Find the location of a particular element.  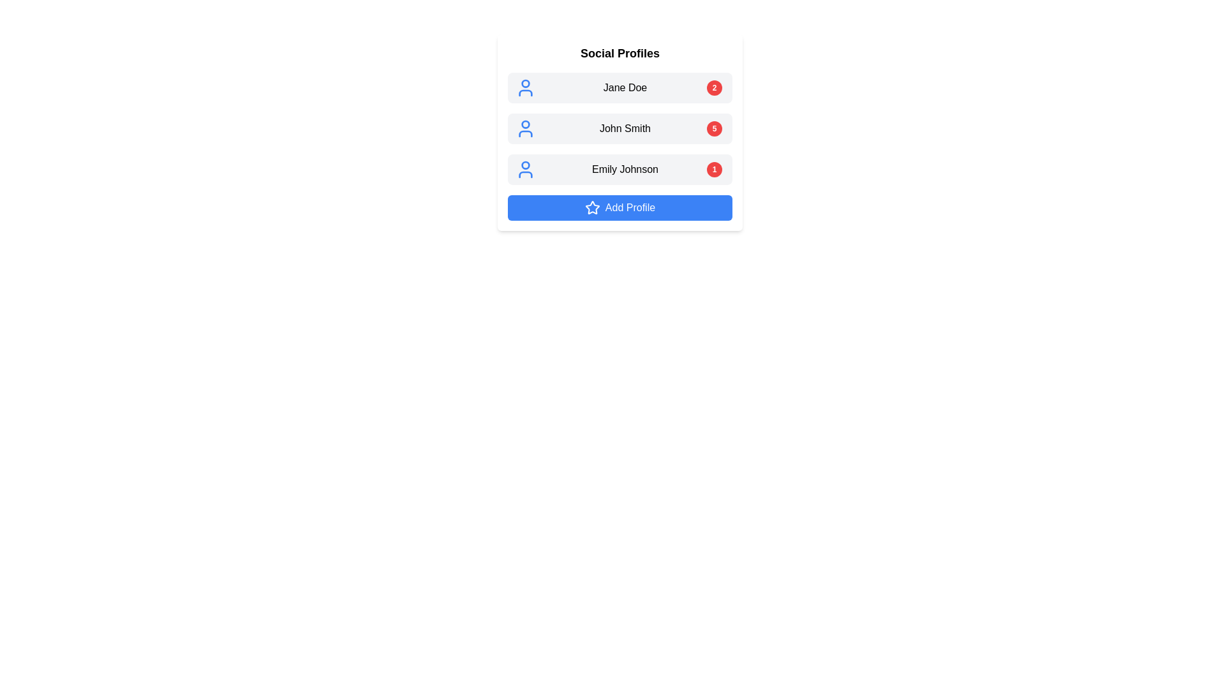

the text label displaying 'Jane Doe', which is positioned between a blue user icon and a red badge with the number '2' is located at coordinates (625, 87).